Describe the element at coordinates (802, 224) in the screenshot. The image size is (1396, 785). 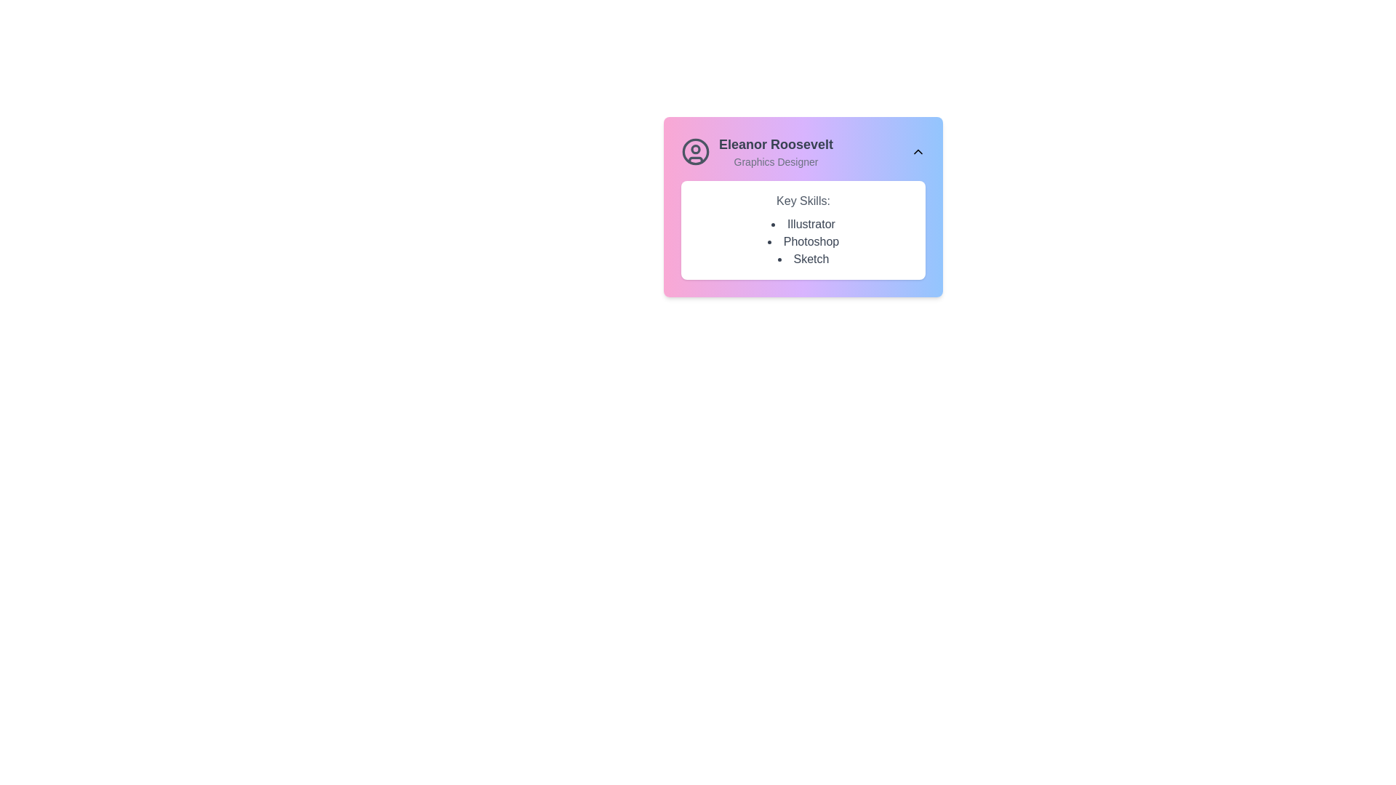
I see `text of the 'Illustrator' label, which is the first item in the 'Key Skills' list styled in gray font next to a circular bullet point` at that location.